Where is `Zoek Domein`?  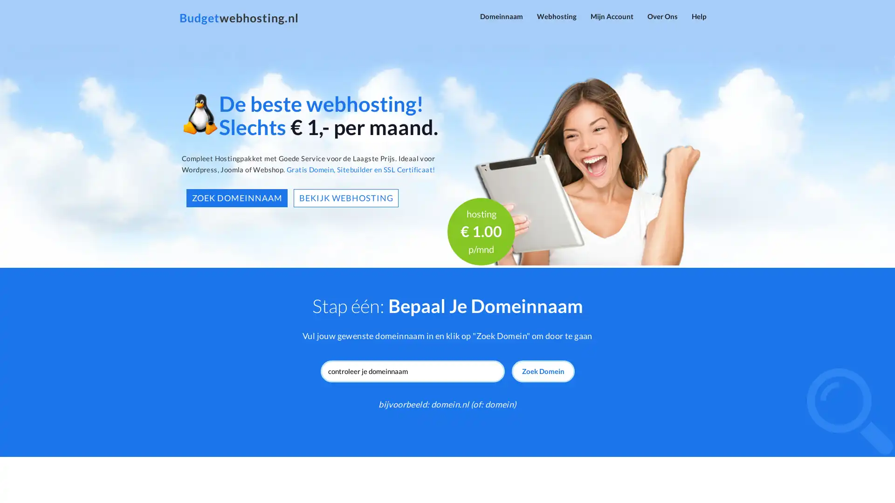 Zoek Domein is located at coordinates (543, 371).